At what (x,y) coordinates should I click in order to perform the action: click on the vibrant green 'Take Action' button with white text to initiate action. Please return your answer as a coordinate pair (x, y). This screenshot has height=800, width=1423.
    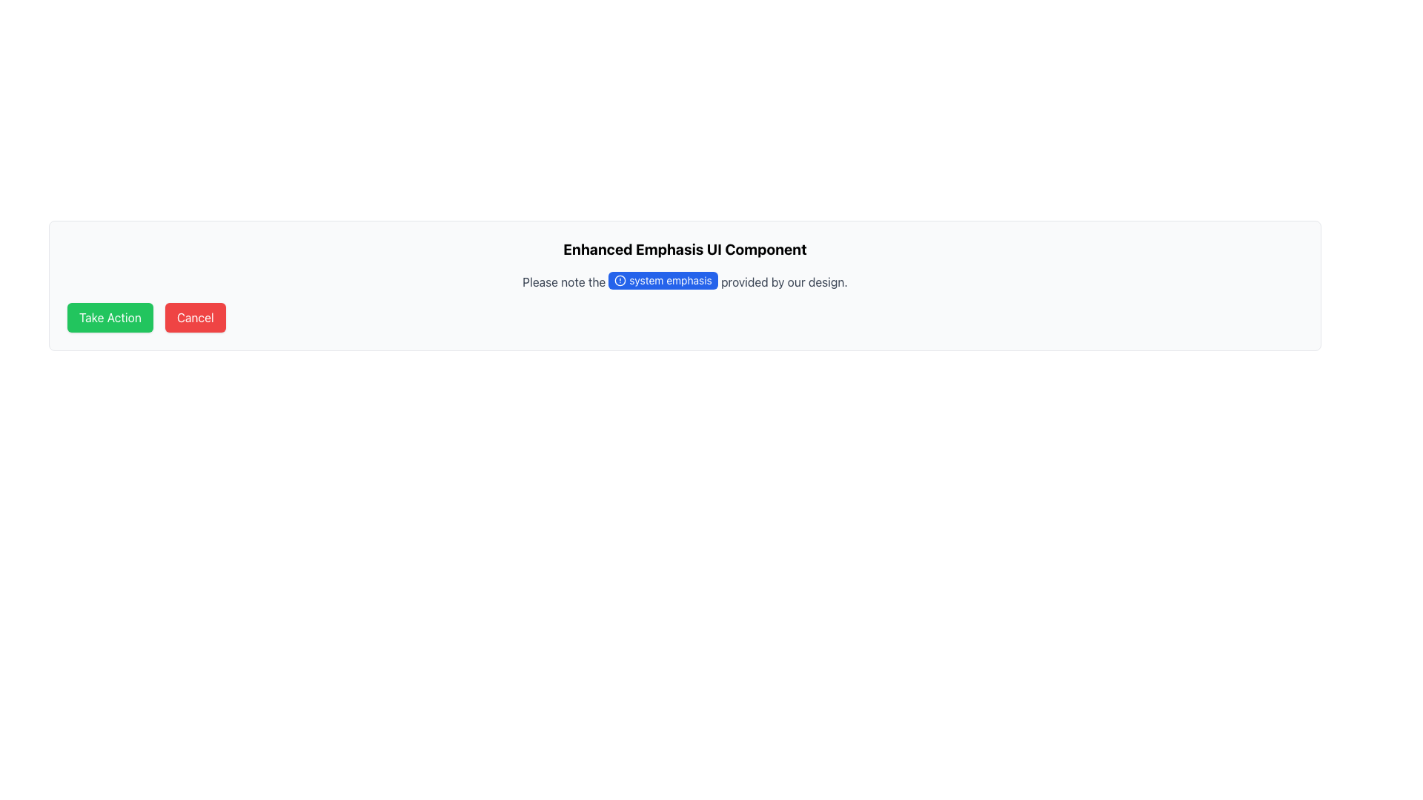
    Looking at the image, I should click on (109, 316).